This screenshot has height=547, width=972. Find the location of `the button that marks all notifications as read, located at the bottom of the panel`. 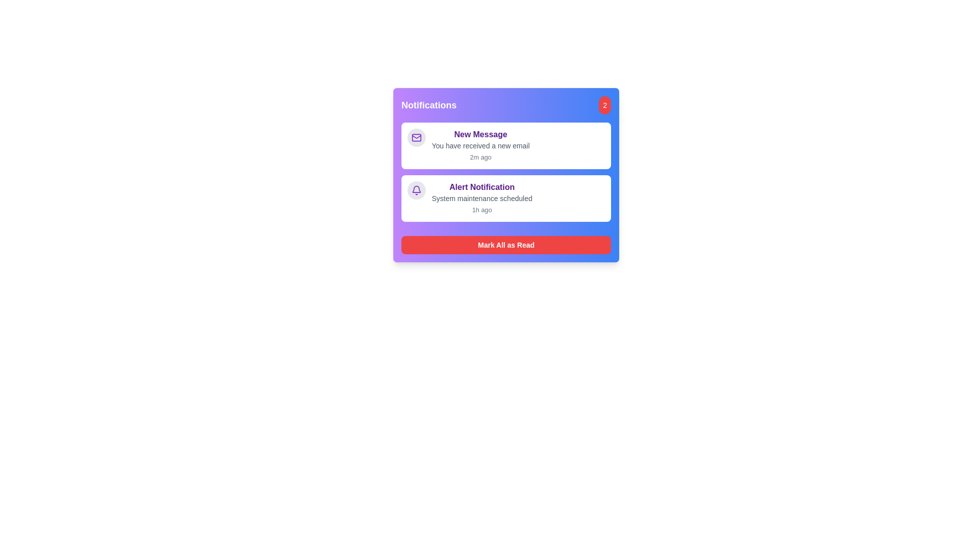

the button that marks all notifications as read, located at the bottom of the panel is located at coordinates (506, 245).